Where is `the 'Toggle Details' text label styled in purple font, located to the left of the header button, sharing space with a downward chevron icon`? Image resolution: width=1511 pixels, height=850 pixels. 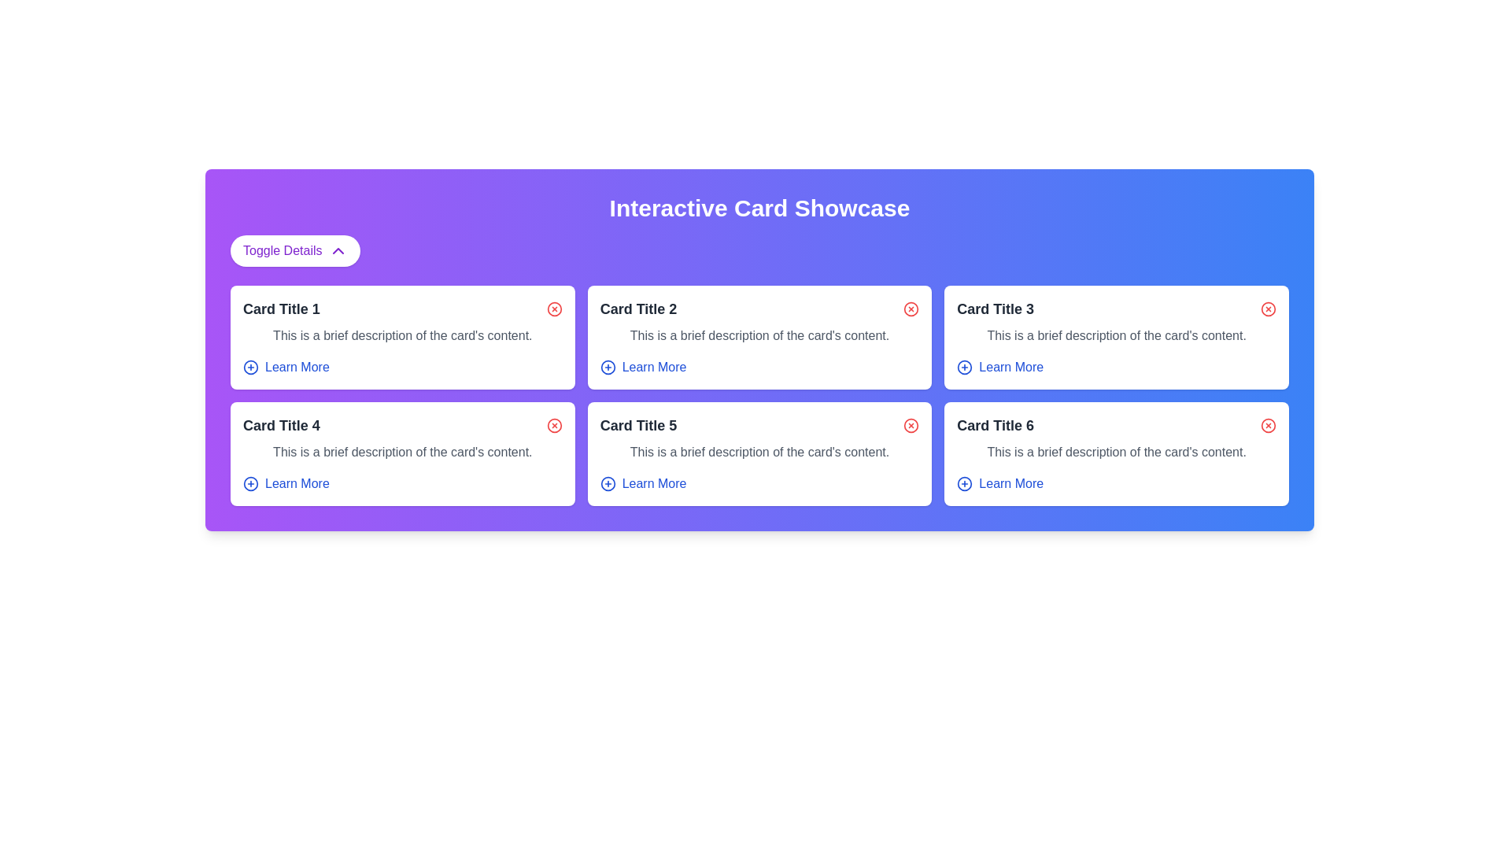 the 'Toggle Details' text label styled in purple font, located to the left of the header button, sharing space with a downward chevron icon is located at coordinates (283, 250).